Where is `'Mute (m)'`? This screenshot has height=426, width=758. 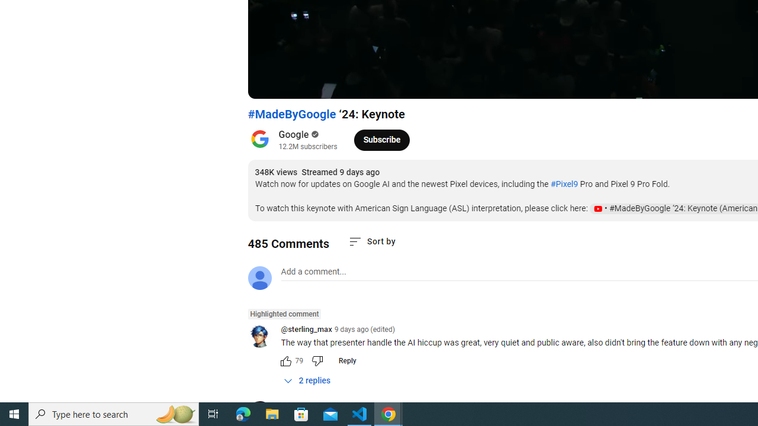 'Mute (m)' is located at coordinates (325, 83).